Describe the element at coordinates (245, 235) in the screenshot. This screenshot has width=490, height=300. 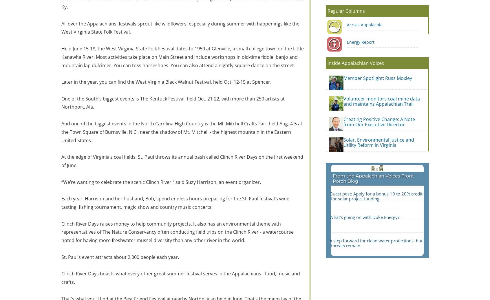
I see `'© 2021 Appalachian Voices'` at that location.